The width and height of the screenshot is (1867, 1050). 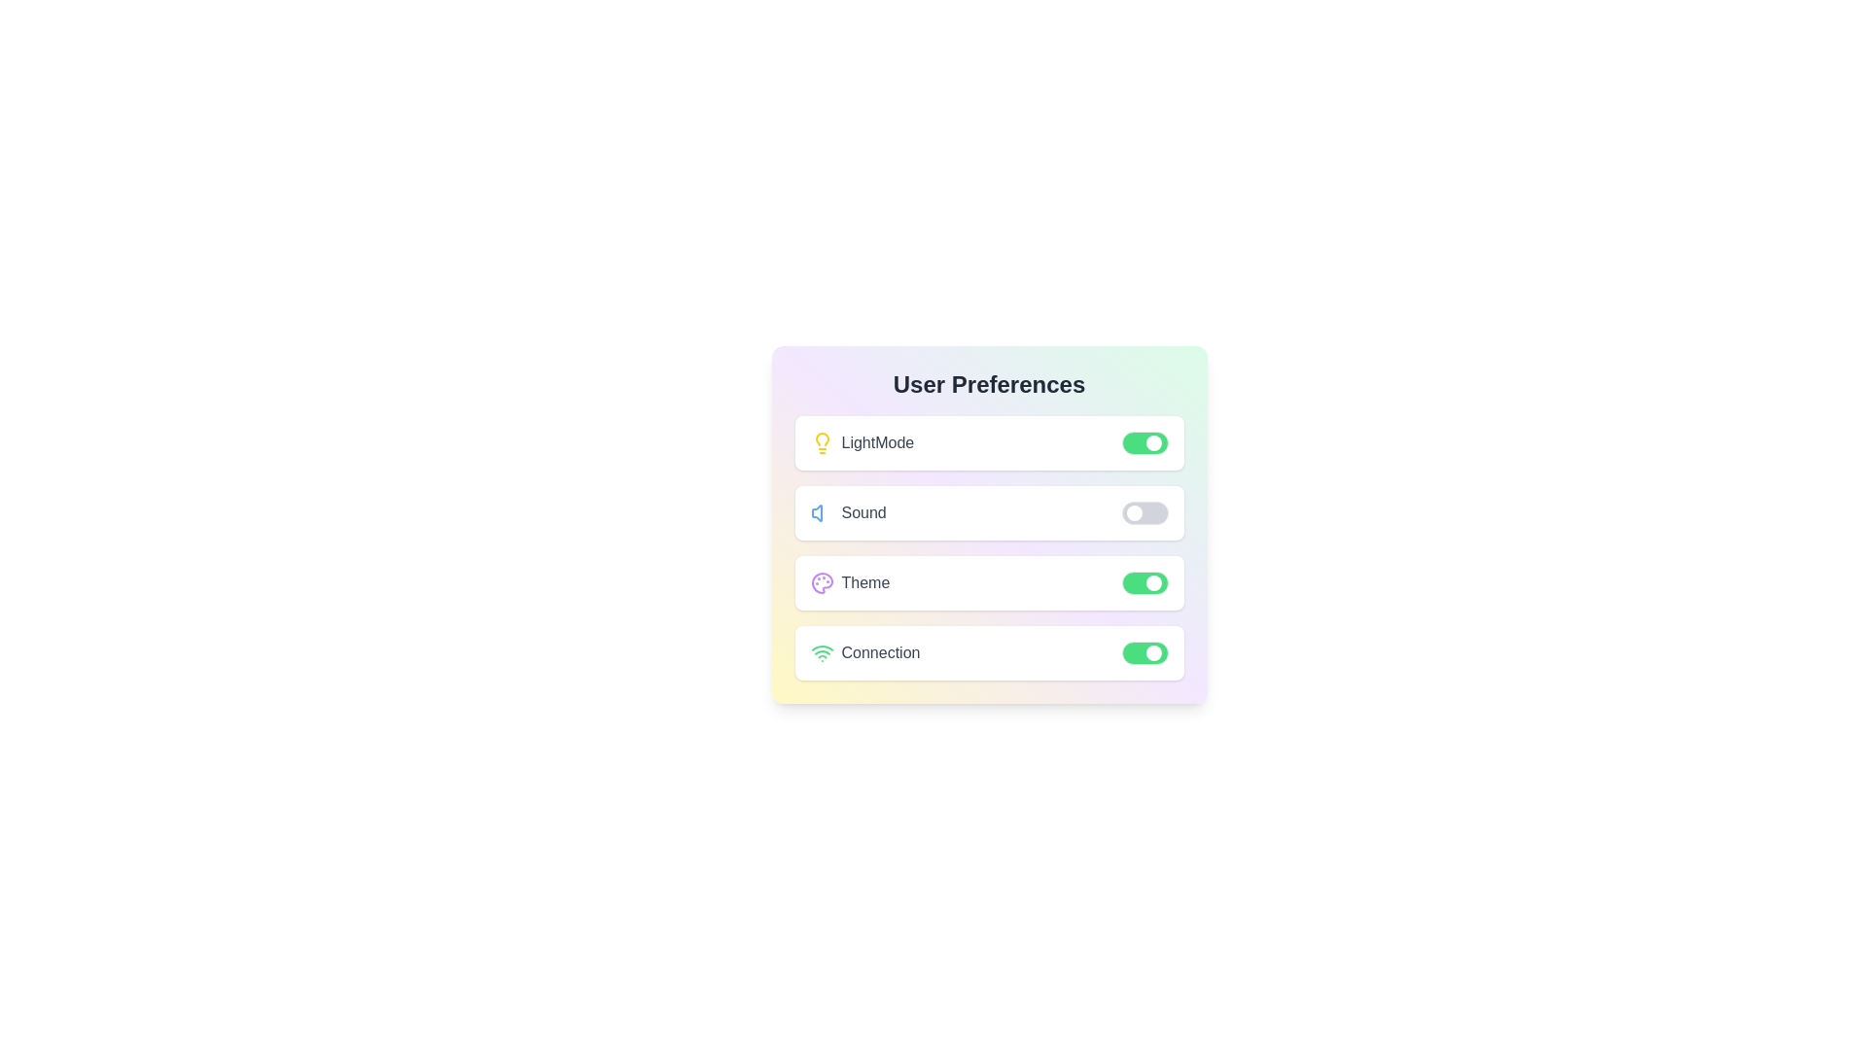 What do you see at coordinates (822, 442) in the screenshot?
I see `the style of the yellow lightbulb icon located to the left of the 'LightMode' text on the user preferences UI` at bounding box center [822, 442].